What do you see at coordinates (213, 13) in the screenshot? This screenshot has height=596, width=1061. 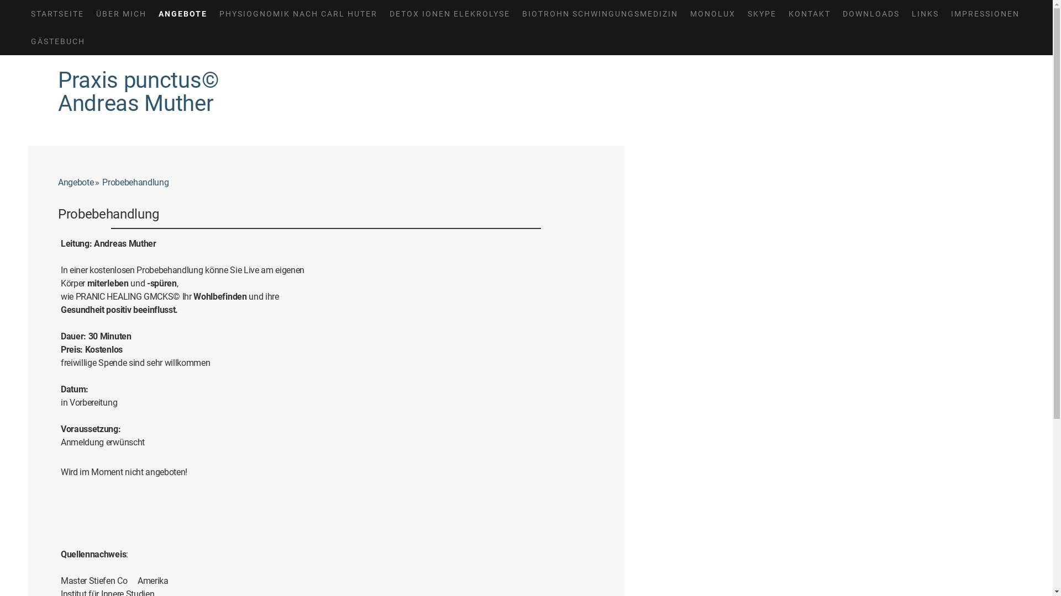 I see `'PHYSIOGNOMIK NACH CARL HUTER'` at bounding box center [213, 13].